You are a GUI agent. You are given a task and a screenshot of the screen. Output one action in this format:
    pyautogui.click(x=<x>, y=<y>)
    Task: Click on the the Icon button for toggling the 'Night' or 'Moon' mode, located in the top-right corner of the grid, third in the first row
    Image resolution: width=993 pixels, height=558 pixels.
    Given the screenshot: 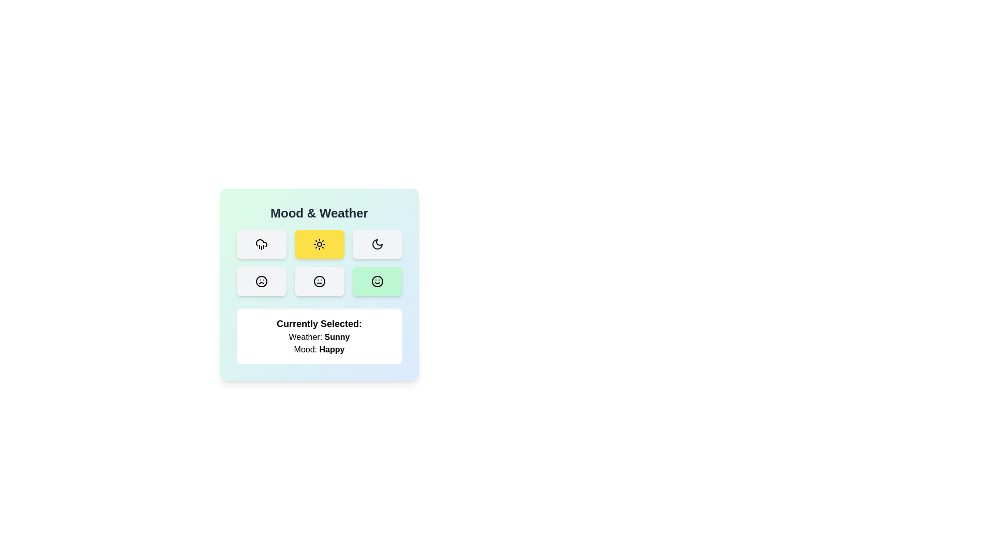 What is the action you would take?
    pyautogui.click(x=377, y=244)
    